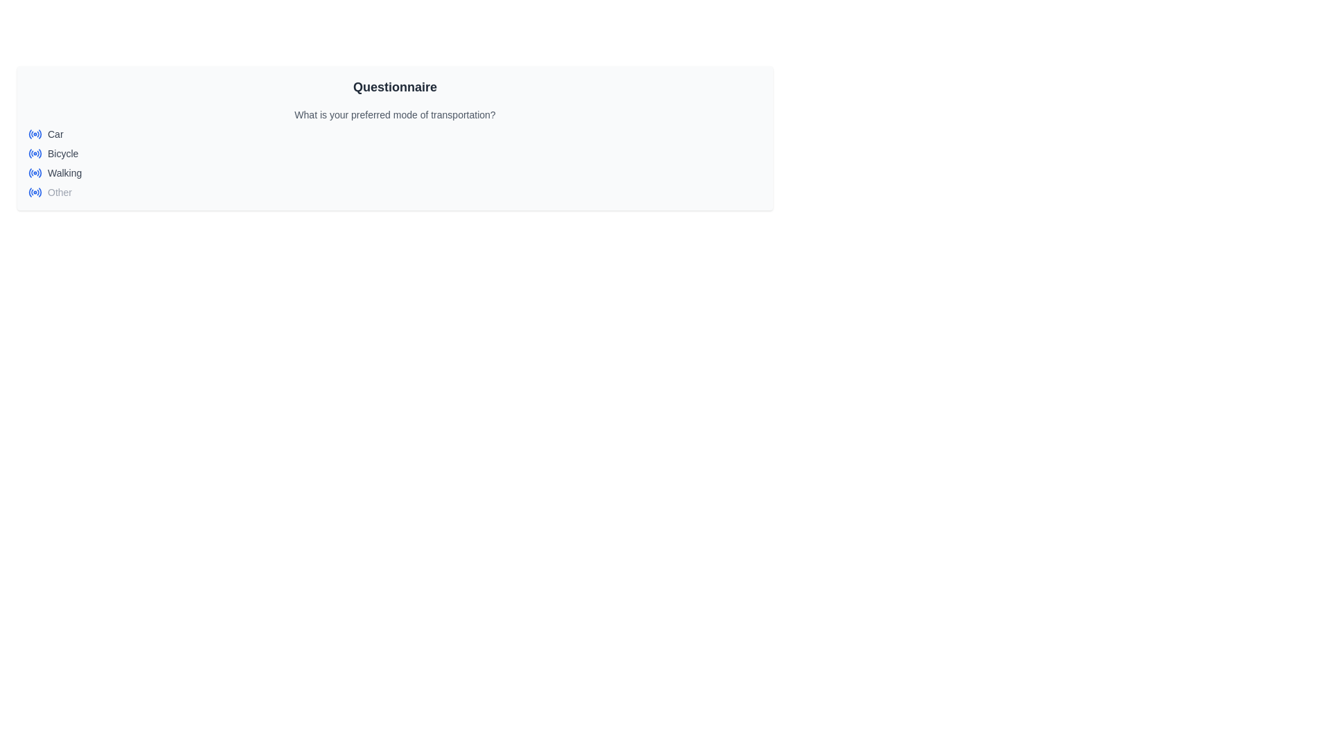 This screenshot has height=748, width=1330. I want to click on the selected radio button for 'Bicycle' which is the second option in the vertical list of radio buttons, so click(35, 154).